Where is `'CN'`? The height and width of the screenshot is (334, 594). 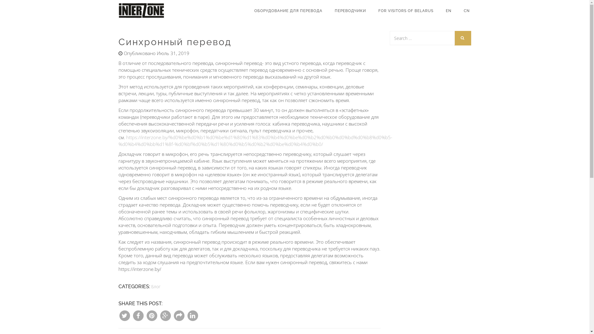 'CN' is located at coordinates (466, 11).